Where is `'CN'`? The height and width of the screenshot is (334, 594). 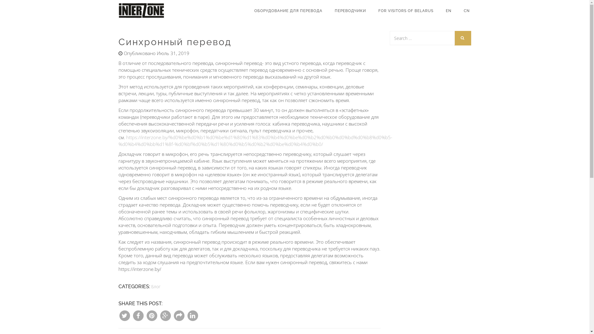 'CN' is located at coordinates (466, 11).